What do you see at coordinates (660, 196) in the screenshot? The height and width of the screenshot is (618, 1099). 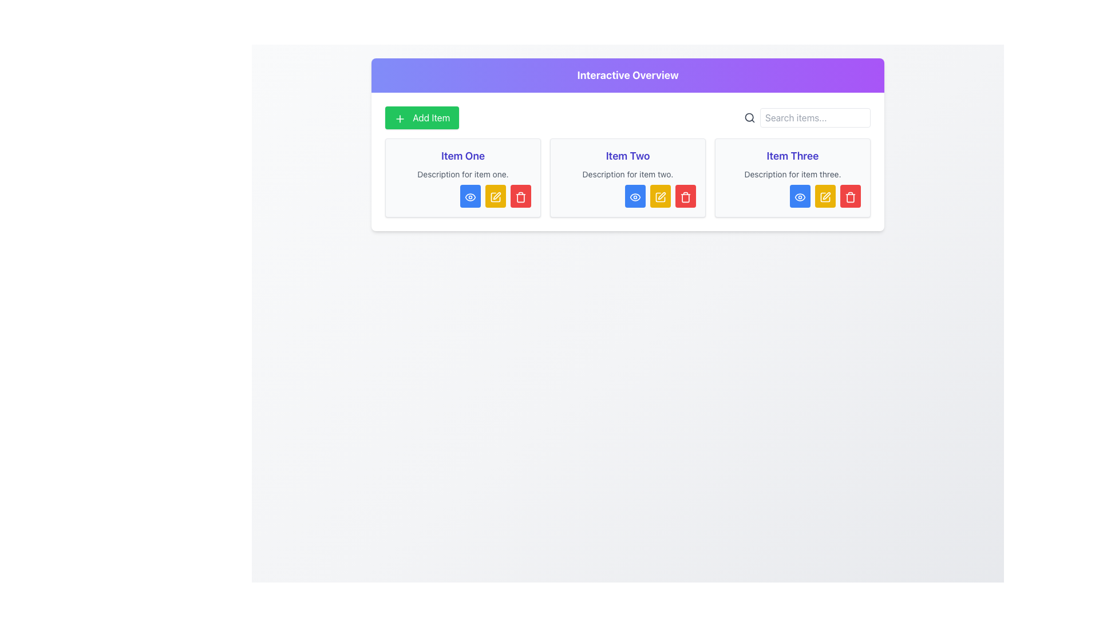 I see `the graphical icon representing a user action with a yellow background and pen-like design, located under 'Item Two'` at bounding box center [660, 196].